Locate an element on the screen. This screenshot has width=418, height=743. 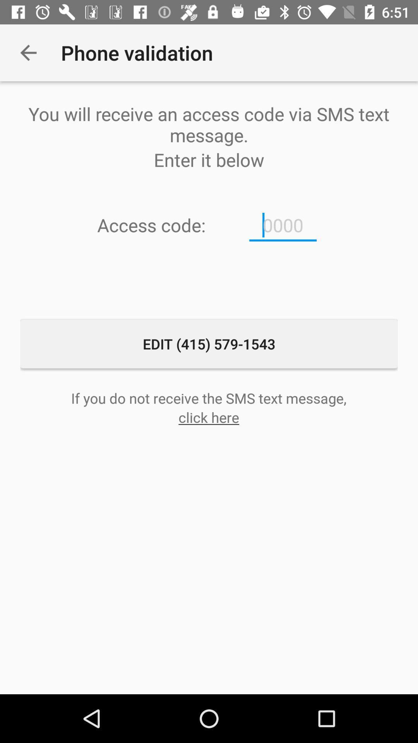
the icon next to phone validation icon is located at coordinates (28, 52).